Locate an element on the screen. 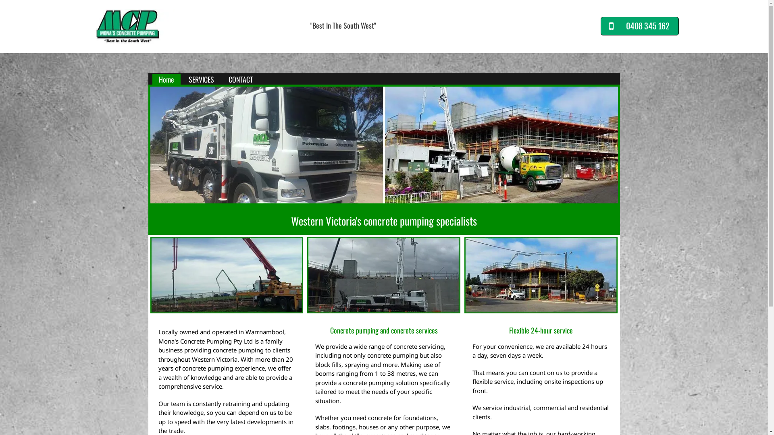  'SERVICES' is located at coordinates (201, 79).